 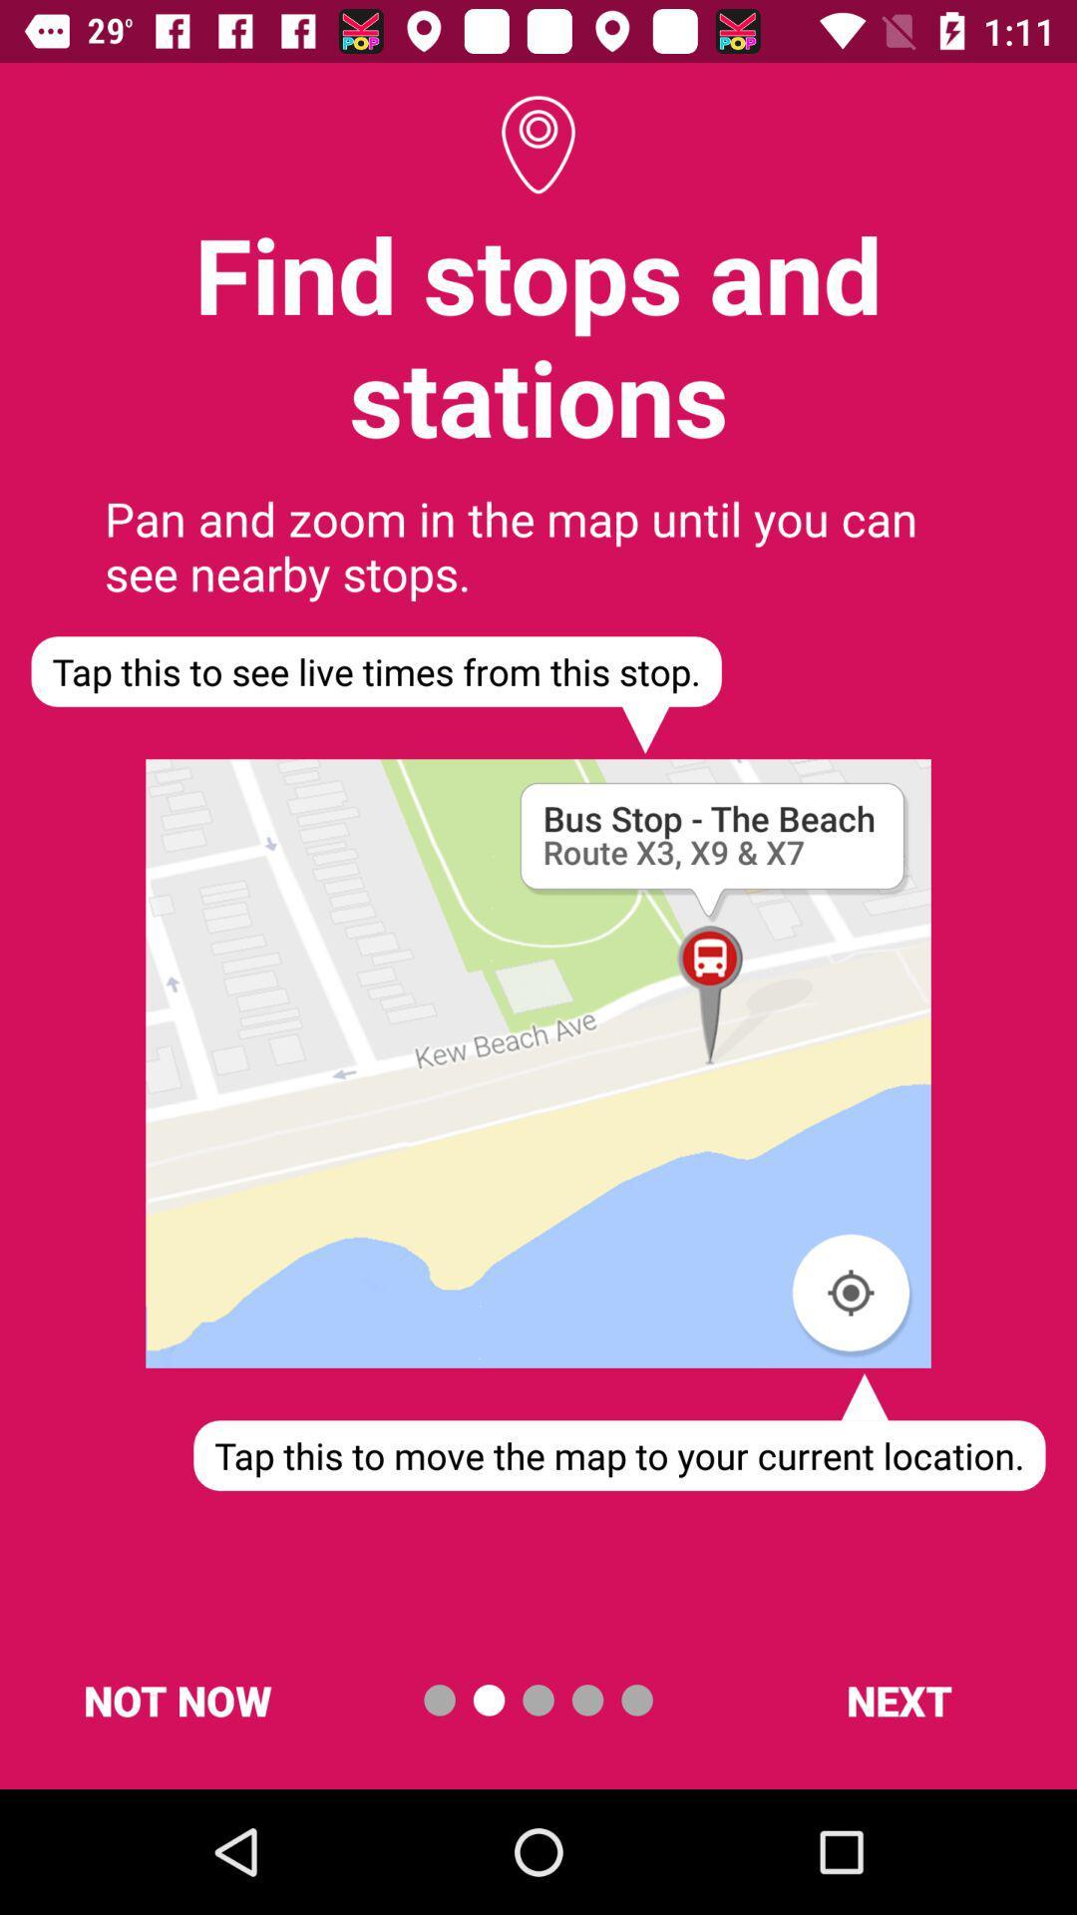 What do you see at coordinates (177, 1699) in the screenshot?
I see `the not now button` at bounding box center [177, 1699].